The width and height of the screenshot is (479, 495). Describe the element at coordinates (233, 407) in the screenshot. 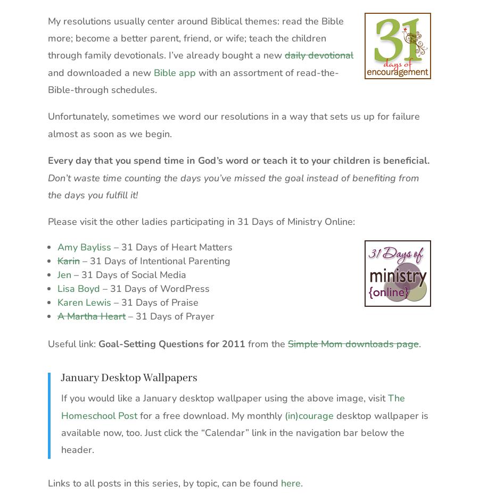

I see `'The Homeschool Post'` at that location.